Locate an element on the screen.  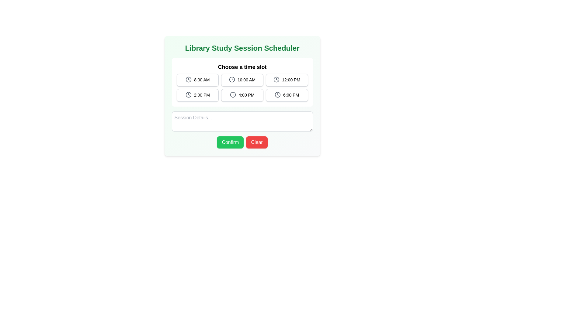
the button for selecting the 8:00 AM time slot, which is the first button in the grid layout located at the top-left corner is located at coordinates (197, 80).